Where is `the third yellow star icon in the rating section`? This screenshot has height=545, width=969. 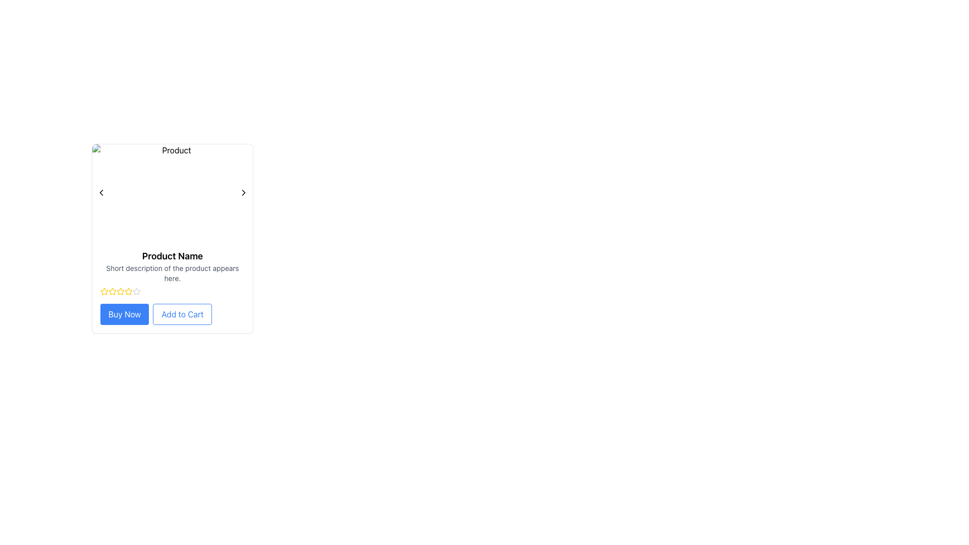
the third yellow star icon in the rating section is located at coordinates (112, 292).